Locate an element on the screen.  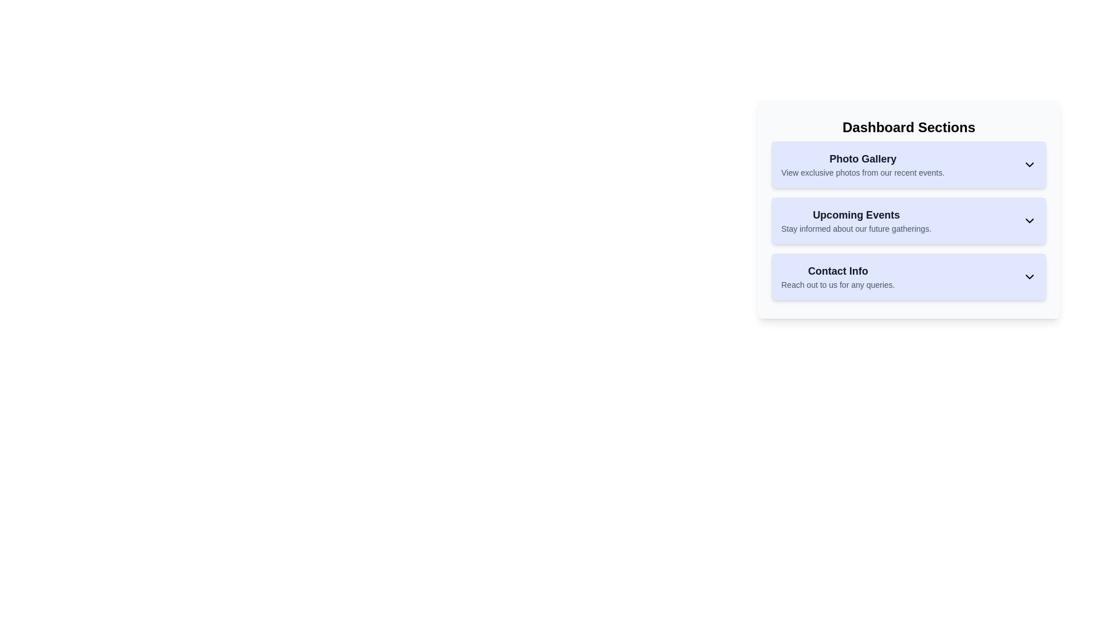
the 'Upcoming Events' button, which is the second button in the Dashboard Sections card is located at coordinates (908, 225).